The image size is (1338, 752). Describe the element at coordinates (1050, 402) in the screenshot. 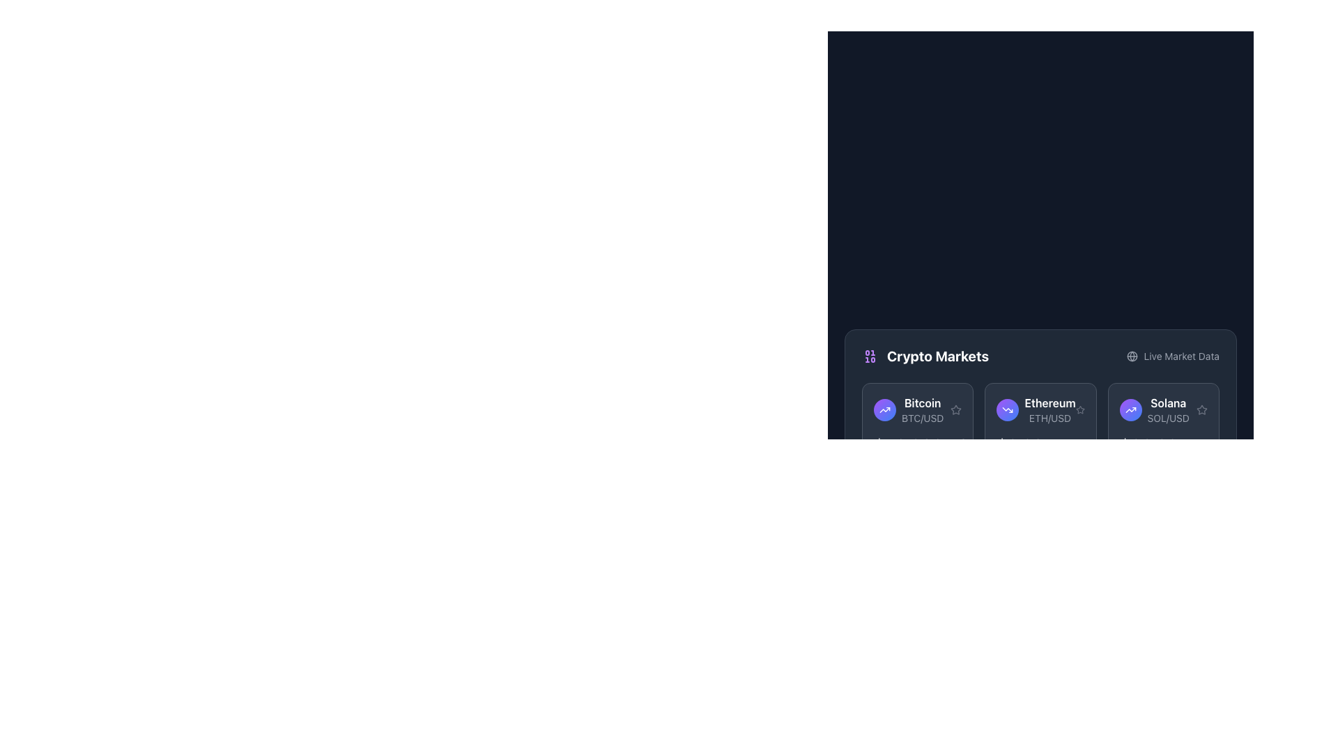

I see `the text label displaying 'Ethereum' which is styled with a white font color on a dark background, located on the top of a prominent rectangular card in the 'Crypto Markets' section` at that location.